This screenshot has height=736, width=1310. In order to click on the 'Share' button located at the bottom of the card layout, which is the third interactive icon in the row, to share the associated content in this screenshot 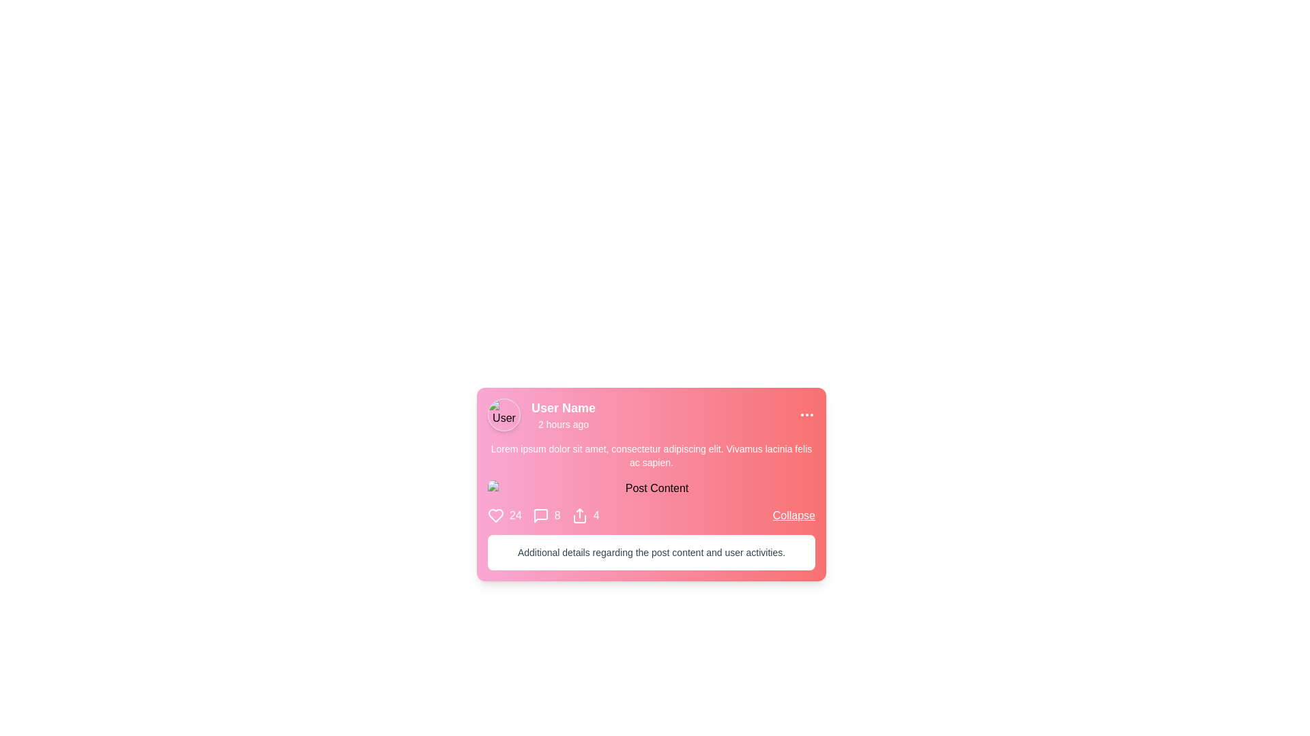, I will do `click(585, 515)`.